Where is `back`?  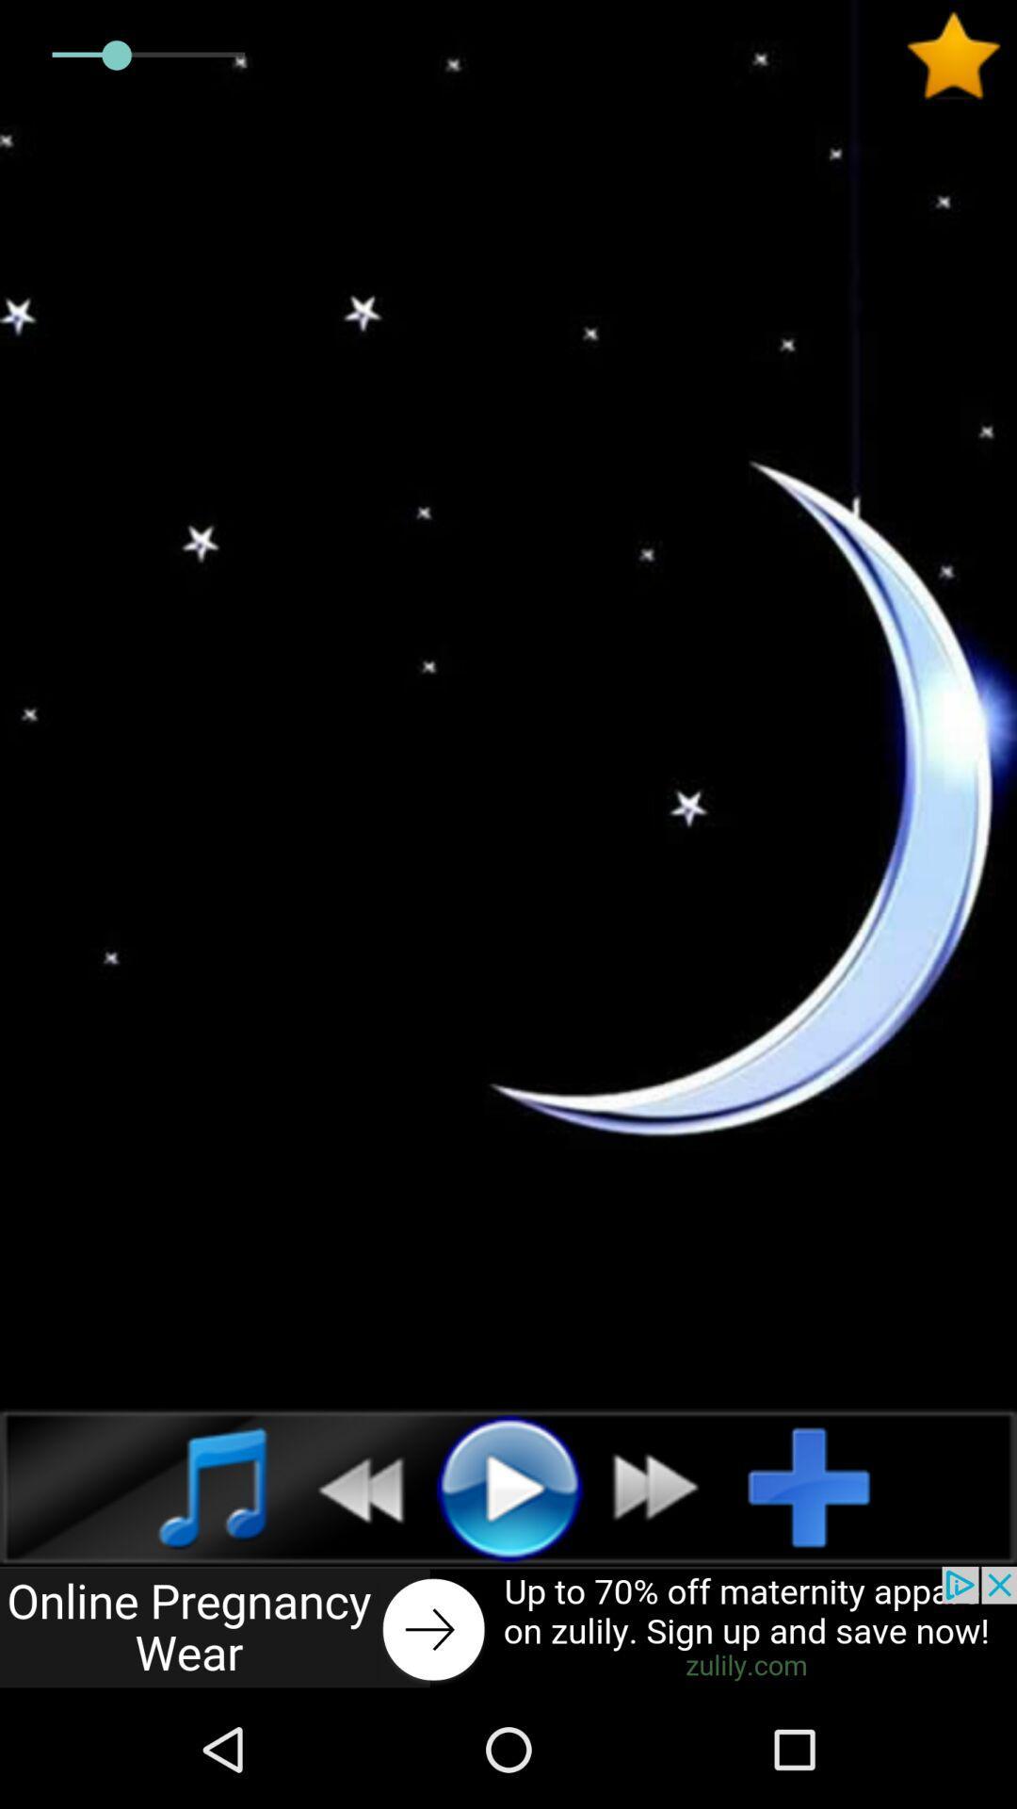 back is located at coordinates (349, 1486).